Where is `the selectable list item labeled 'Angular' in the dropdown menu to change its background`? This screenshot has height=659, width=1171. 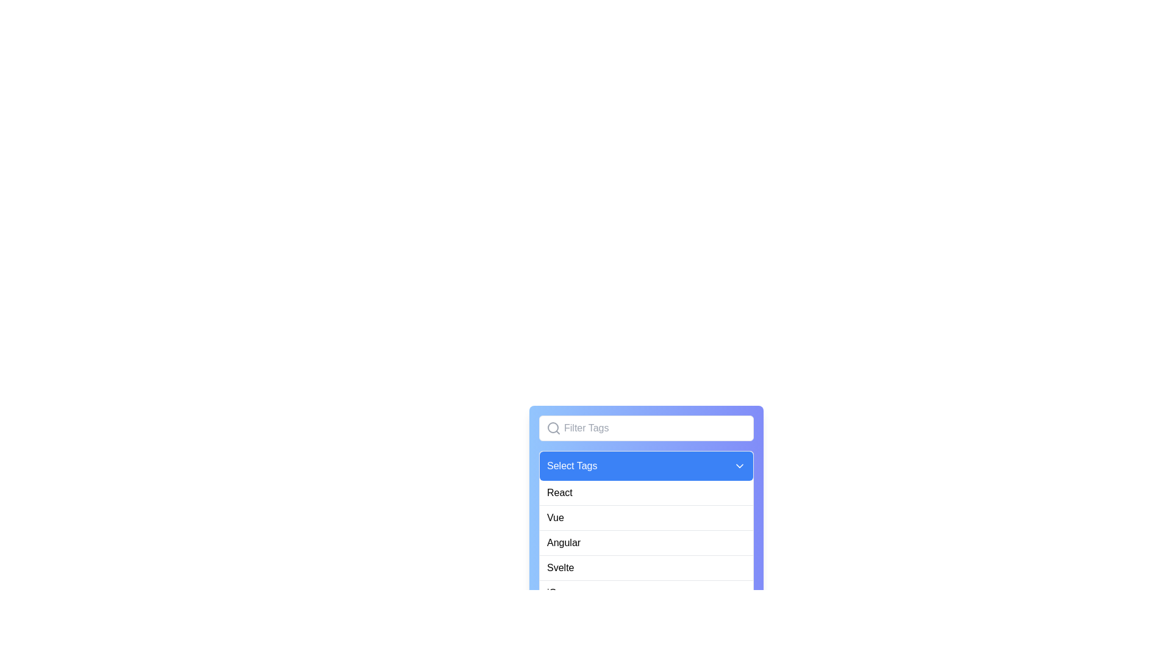
the selectable list item labeled 'Angular' in the dropdown menu to change its background is located at coordinates (646, 542).